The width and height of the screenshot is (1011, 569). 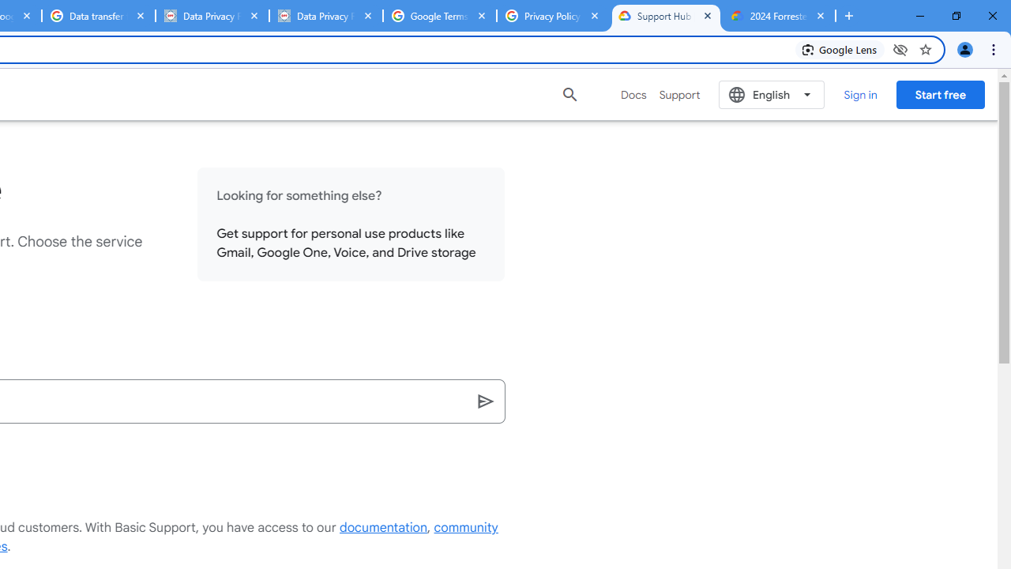 I want to click on 'documentation', so click(x=383, y=528).